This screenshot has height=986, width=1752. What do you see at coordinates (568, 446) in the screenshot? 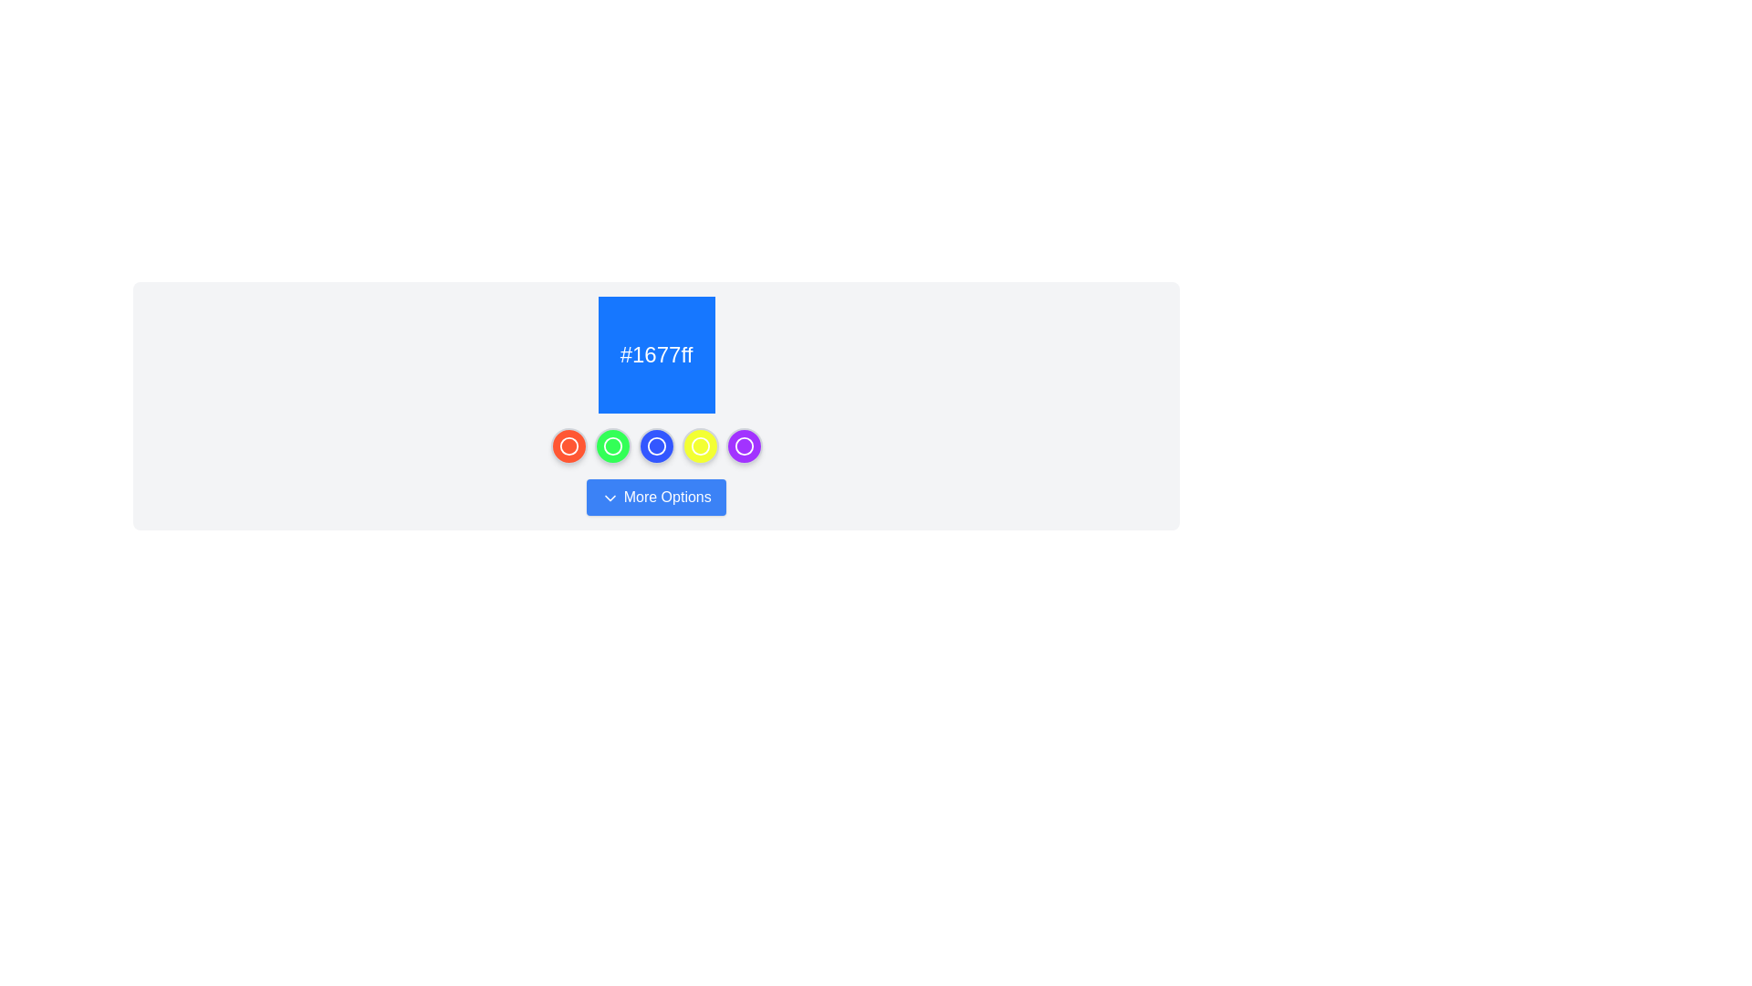
I see `the first circular button from the left, which has a bright orange background and a white target-like icon at its center` at bounding box center [568, 446].